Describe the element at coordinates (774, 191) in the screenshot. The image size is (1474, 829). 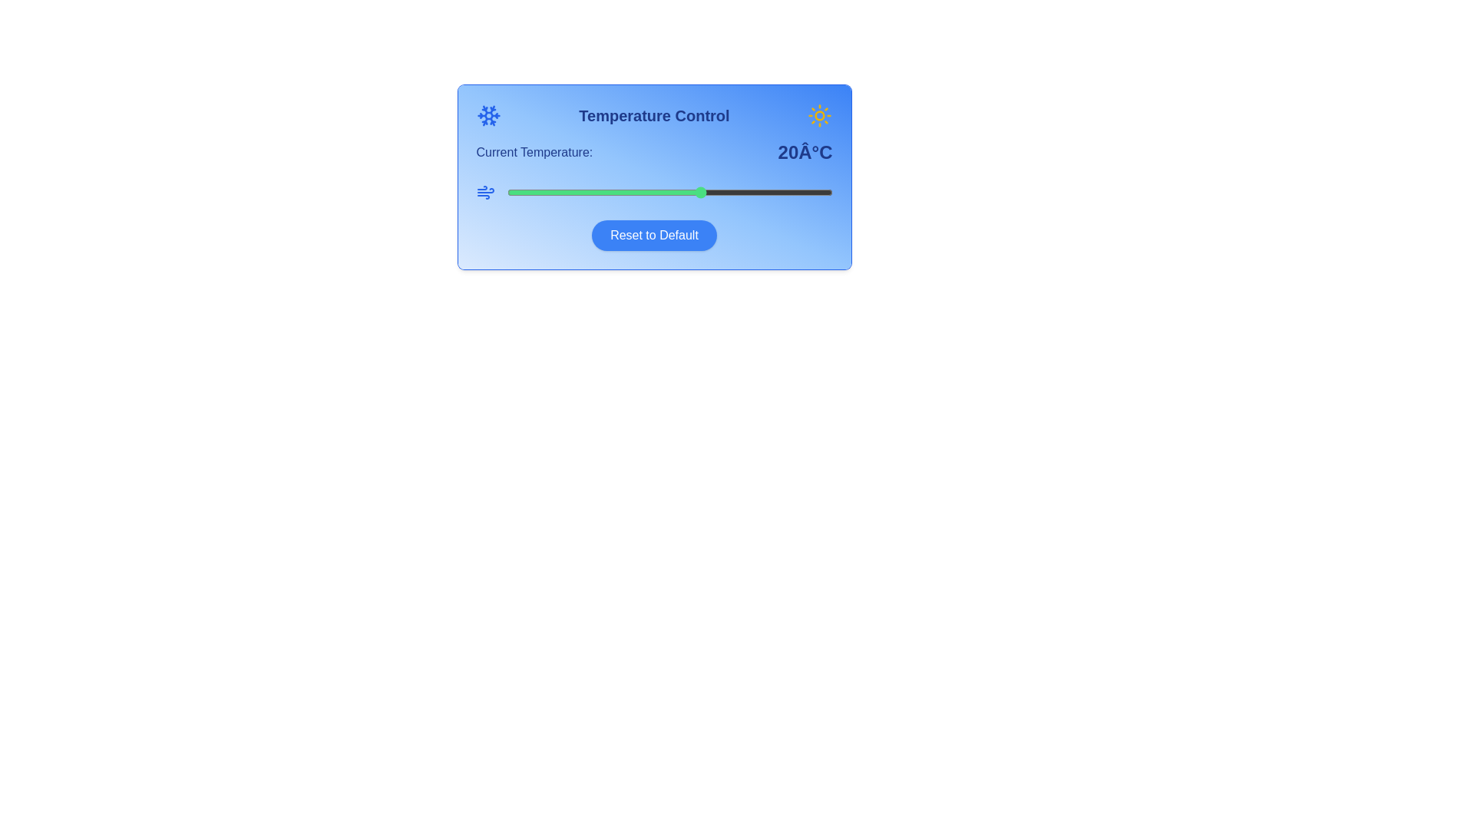
I see `the temperature slider` at that location.